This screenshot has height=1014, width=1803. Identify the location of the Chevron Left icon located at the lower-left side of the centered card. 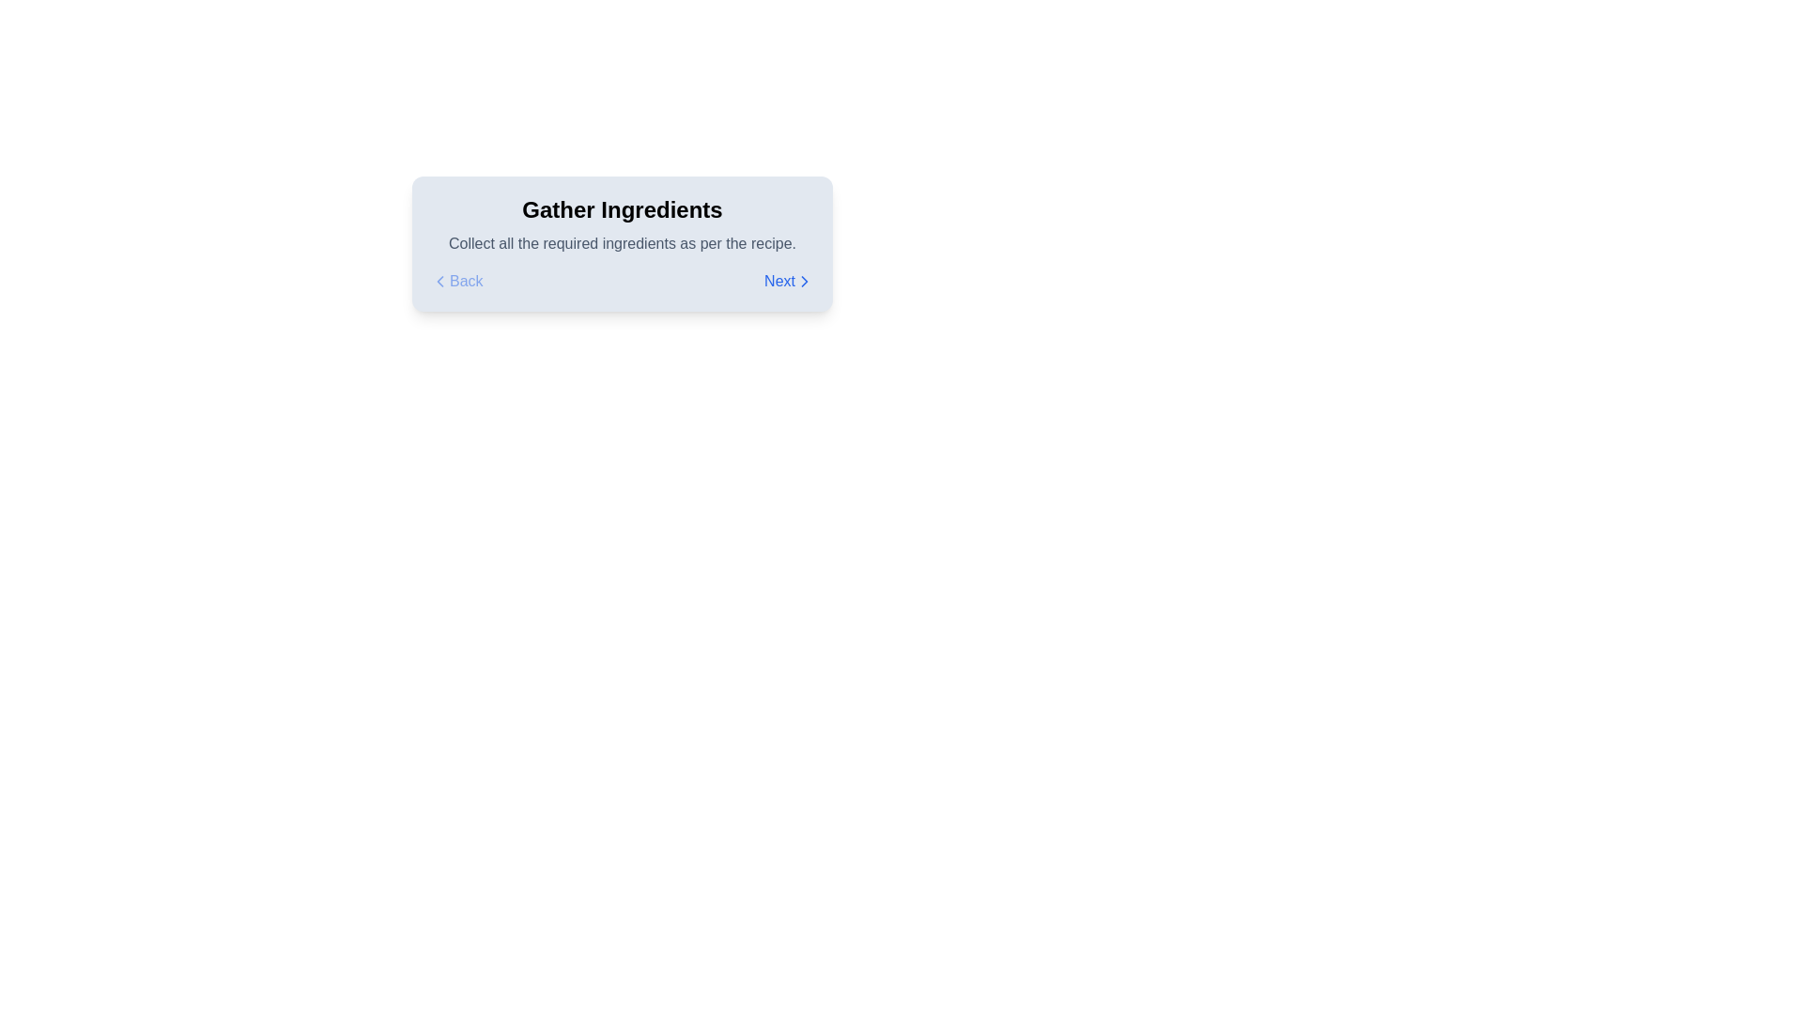
(439, 282).